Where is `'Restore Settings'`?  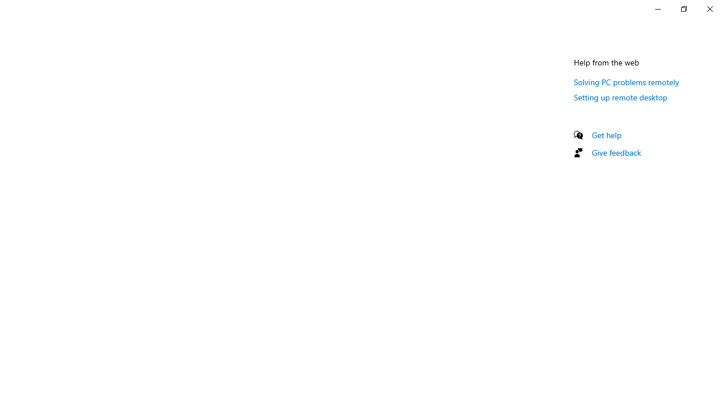
'Restore Settings' is located at coordinates (683, 8).